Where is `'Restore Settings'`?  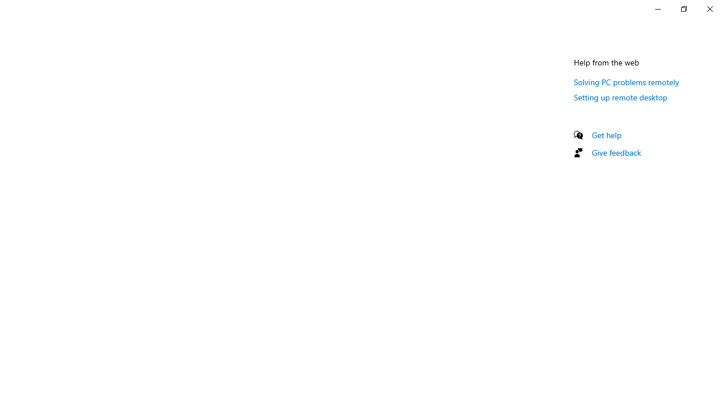
'Restore Settings' is located at coordinates (683, 8).